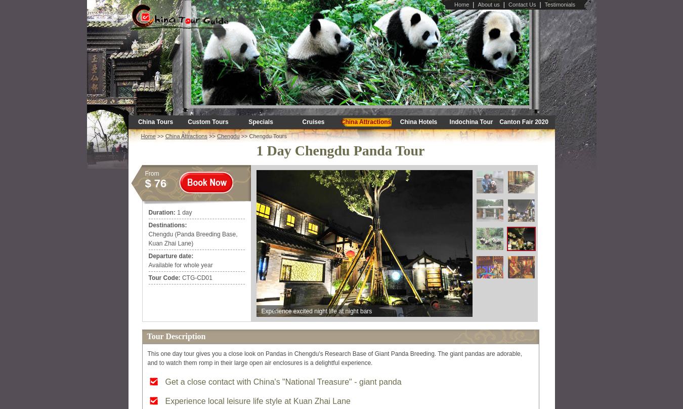 Image resolution: width=683 pixels, height=409 pixels. I want to click on 'Destinations:', so click(167, 225).